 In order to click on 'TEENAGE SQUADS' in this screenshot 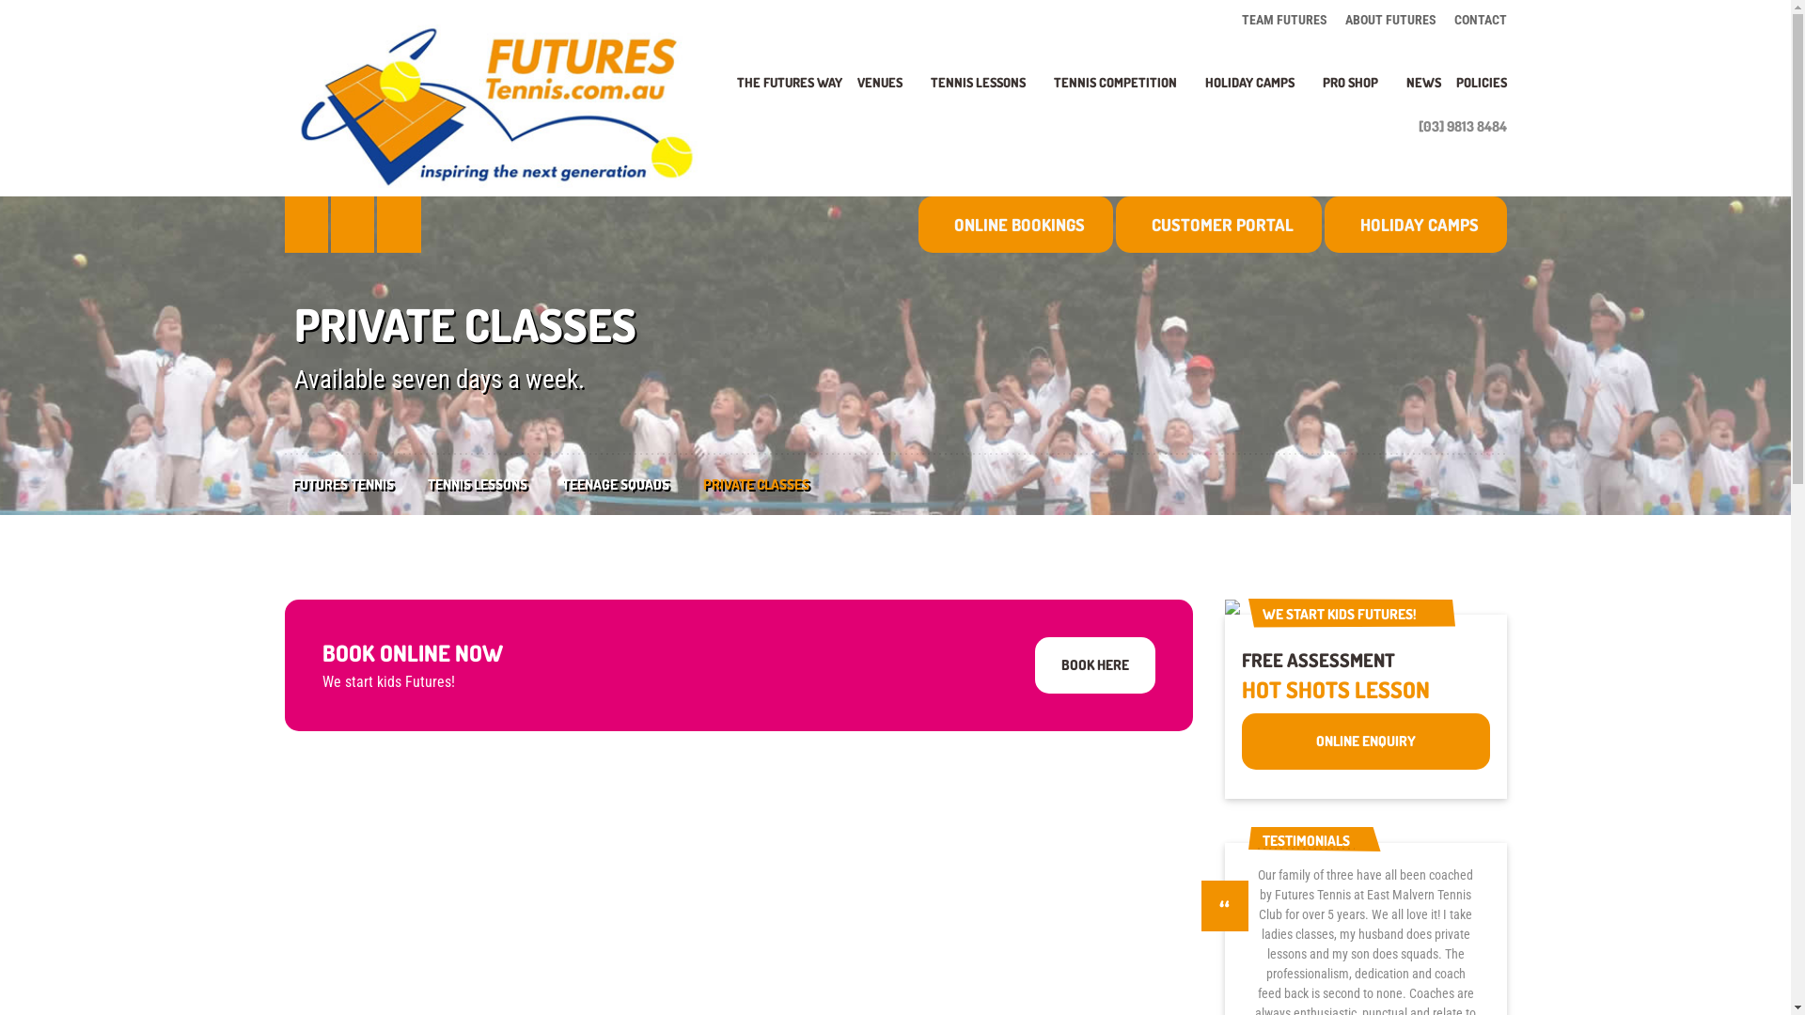, I will do `click(633, 483)`.